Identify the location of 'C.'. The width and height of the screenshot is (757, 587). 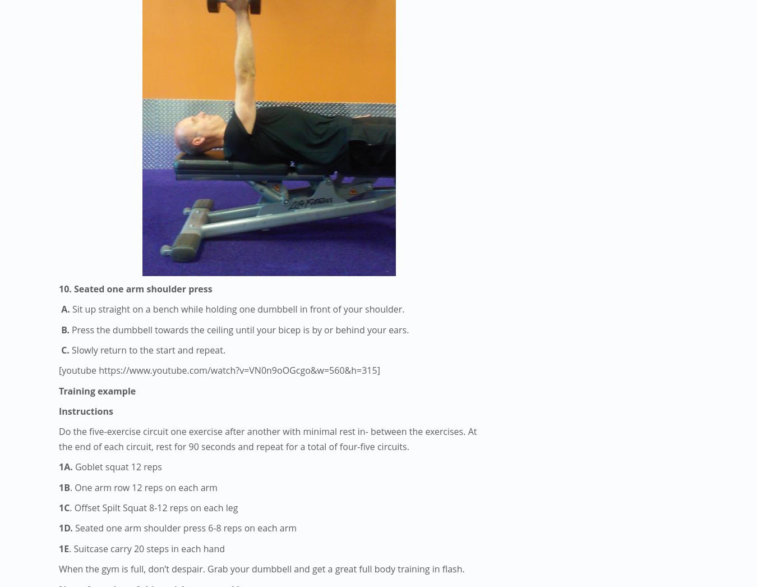
(65, 349).